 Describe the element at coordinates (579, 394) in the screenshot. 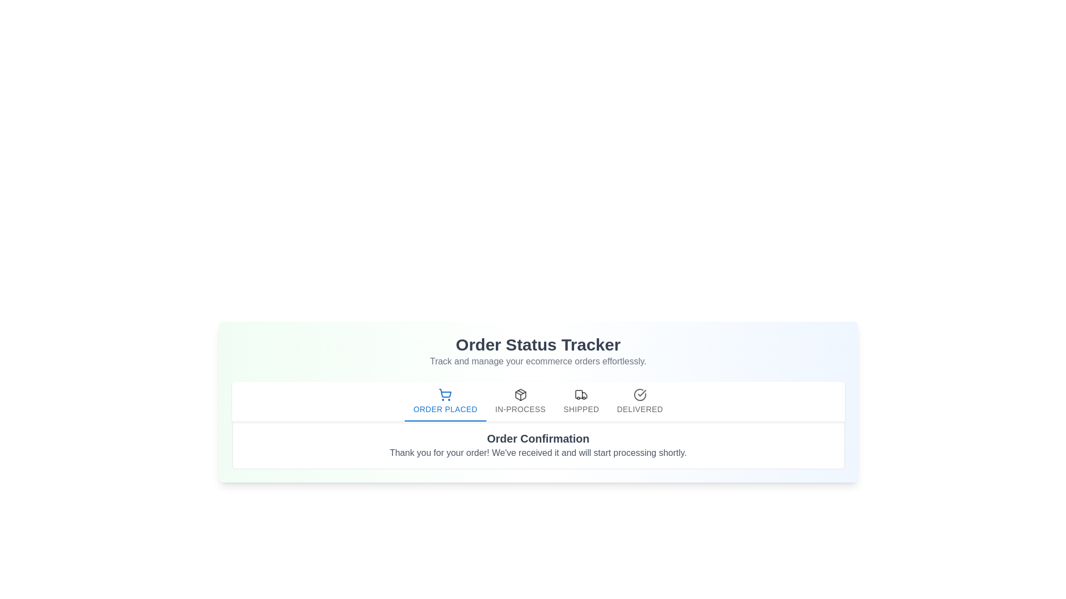

I see `the truck icon representing the 'Shipped' status in the order tracking interface` at that location.